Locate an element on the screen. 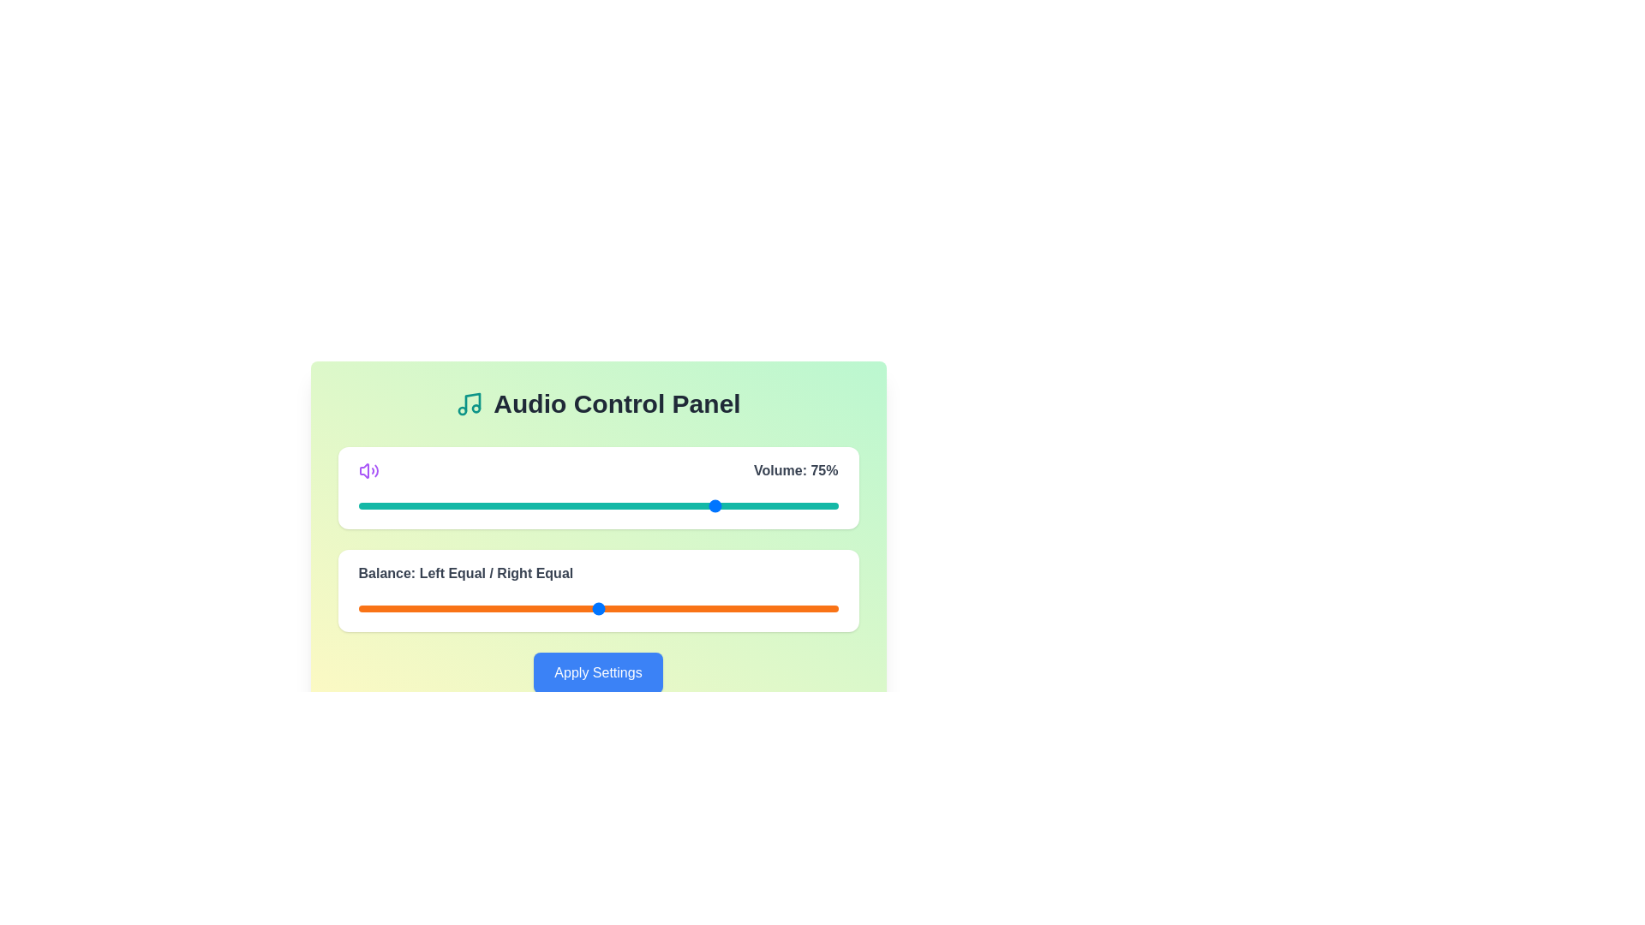 The image size is (1645, 925). 'Apply Settings' button to apply the current audio settings is located at coordinates (598, 672).